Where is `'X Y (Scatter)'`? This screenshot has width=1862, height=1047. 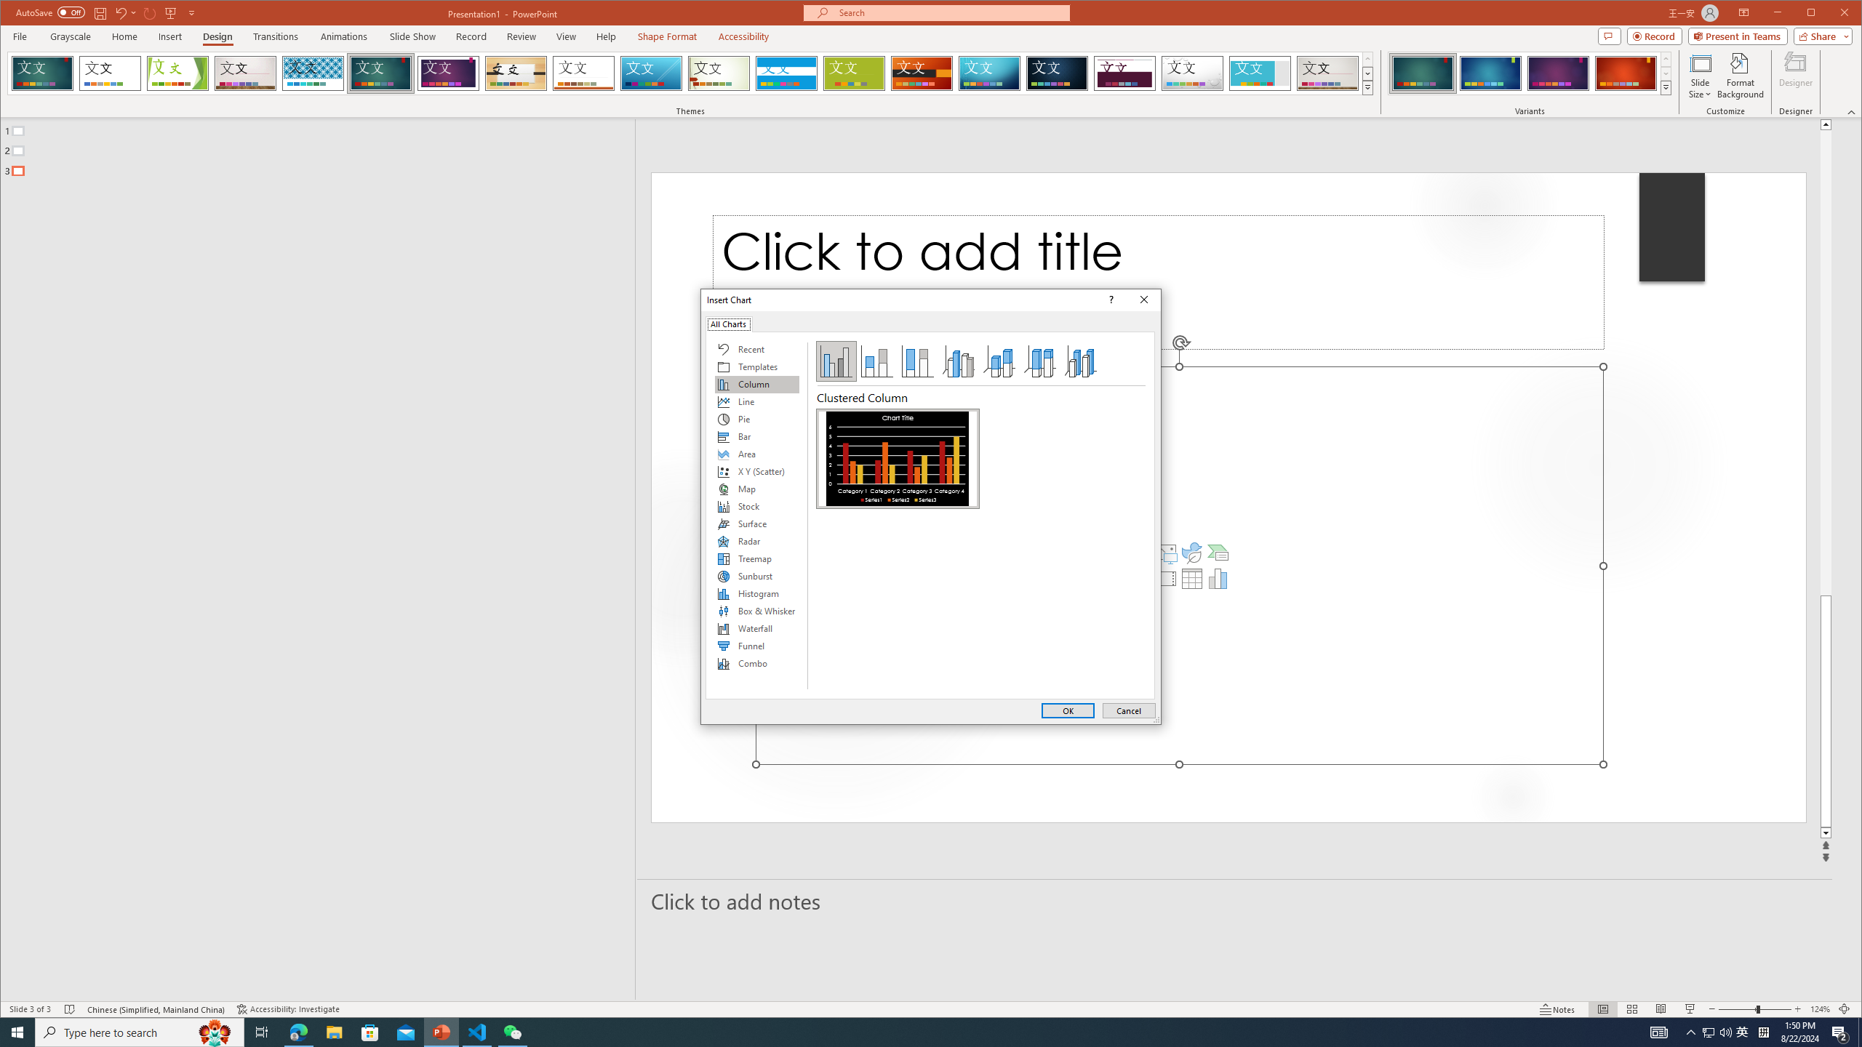 'X Y (Scatter)' is located at coordinates (756, 470).